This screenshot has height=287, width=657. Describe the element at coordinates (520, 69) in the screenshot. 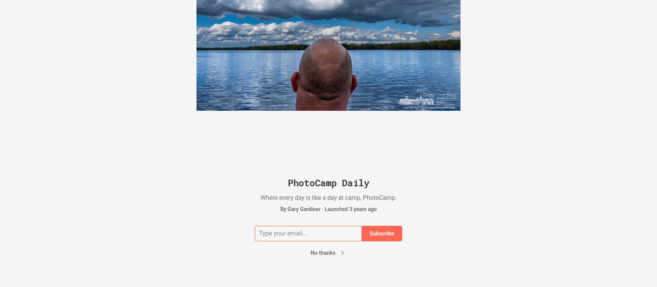

I see `'F8 - My Final Photo News'` at that location.